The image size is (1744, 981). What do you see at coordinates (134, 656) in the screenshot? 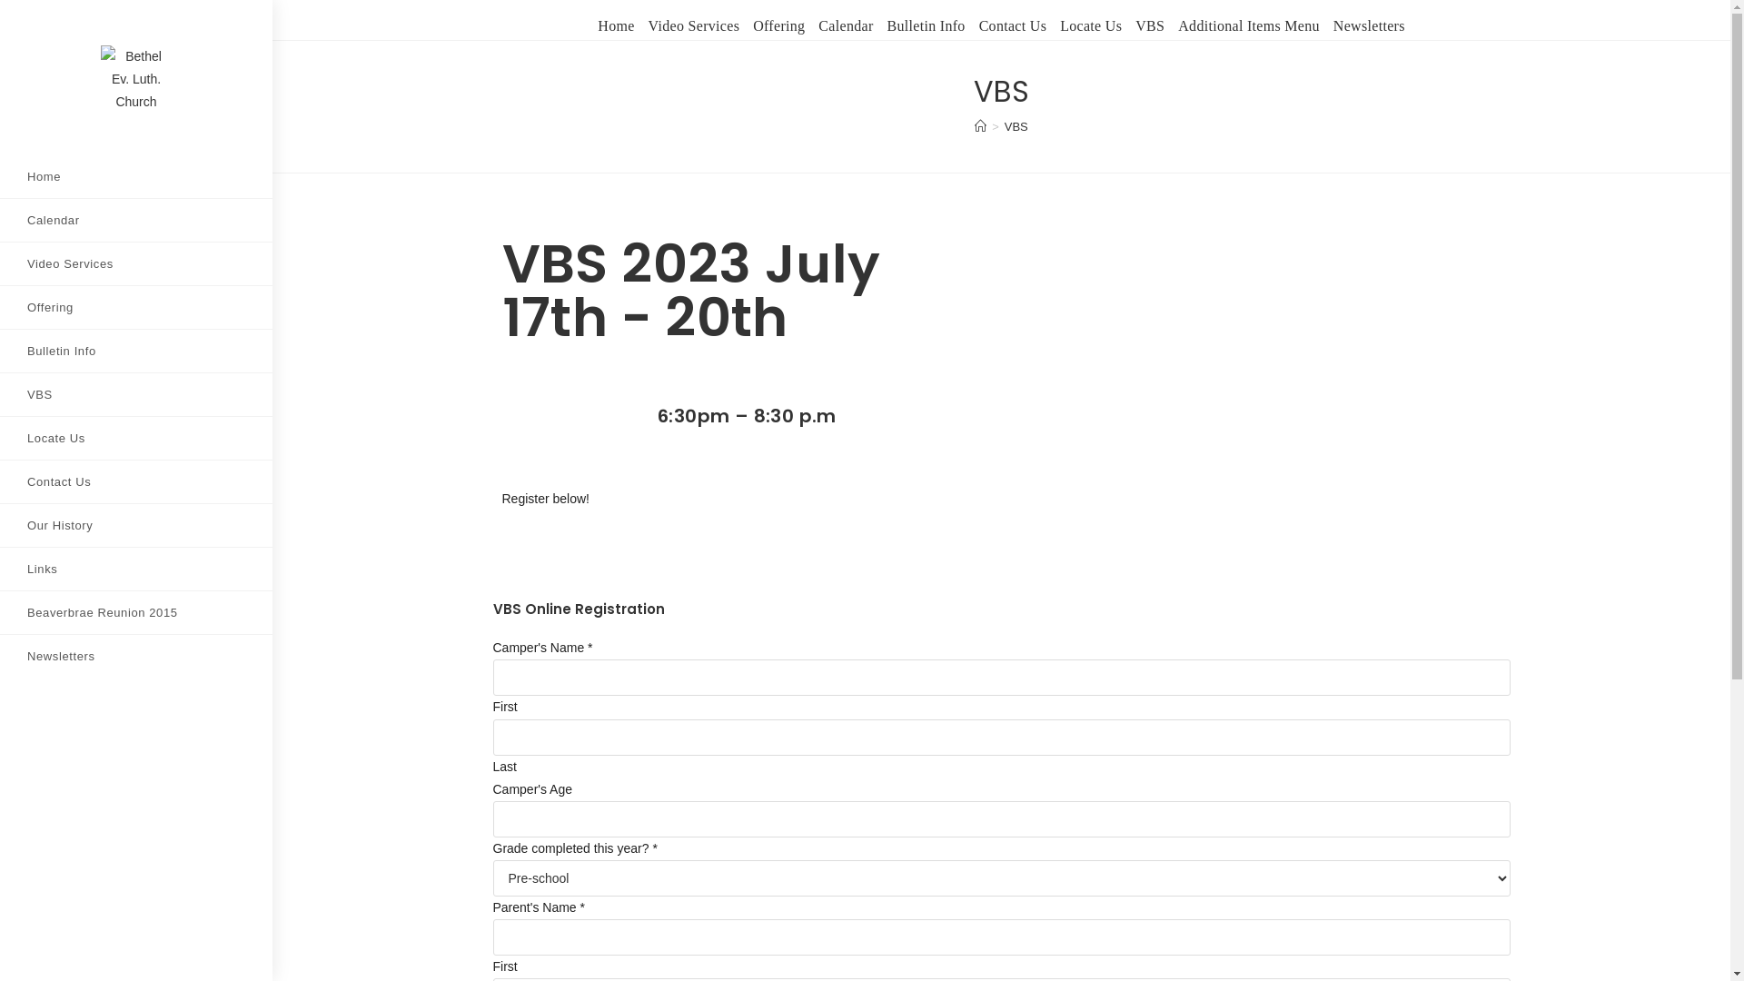
I see `'Newsletters'` at bounding box center [134, 656].